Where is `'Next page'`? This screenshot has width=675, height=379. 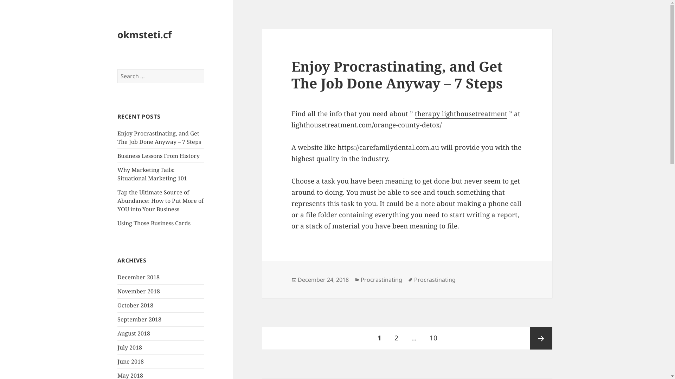
'Next page' is located at coordinates (541, 338).